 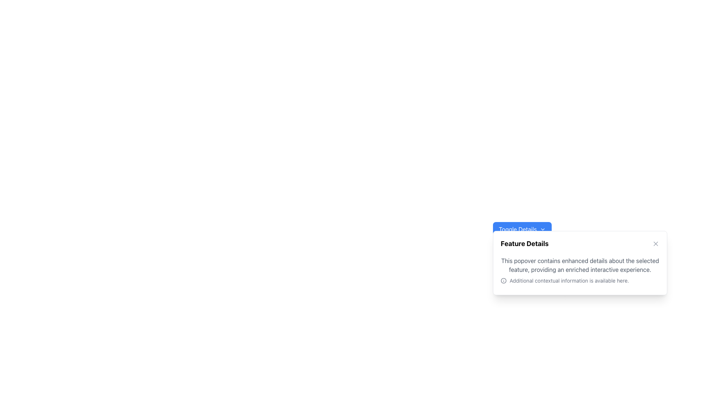 What do you see at coordinates (579, 280) in the screenshot?
I see `the text 'Additional contextual information is available here.' within the bottom-right popover` at bounding box center [579, 280].